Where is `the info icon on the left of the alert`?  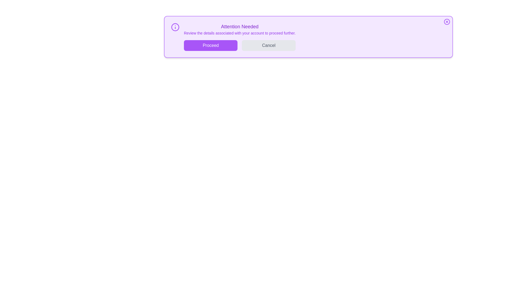 the info icon on the left of the alert is located at coordinates (175, 27).